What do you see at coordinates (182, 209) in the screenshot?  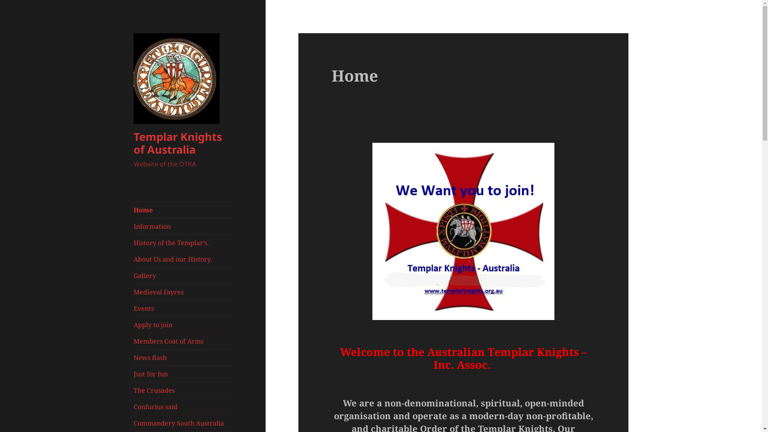 I see `'Home'` at bounding box center [182, 209].